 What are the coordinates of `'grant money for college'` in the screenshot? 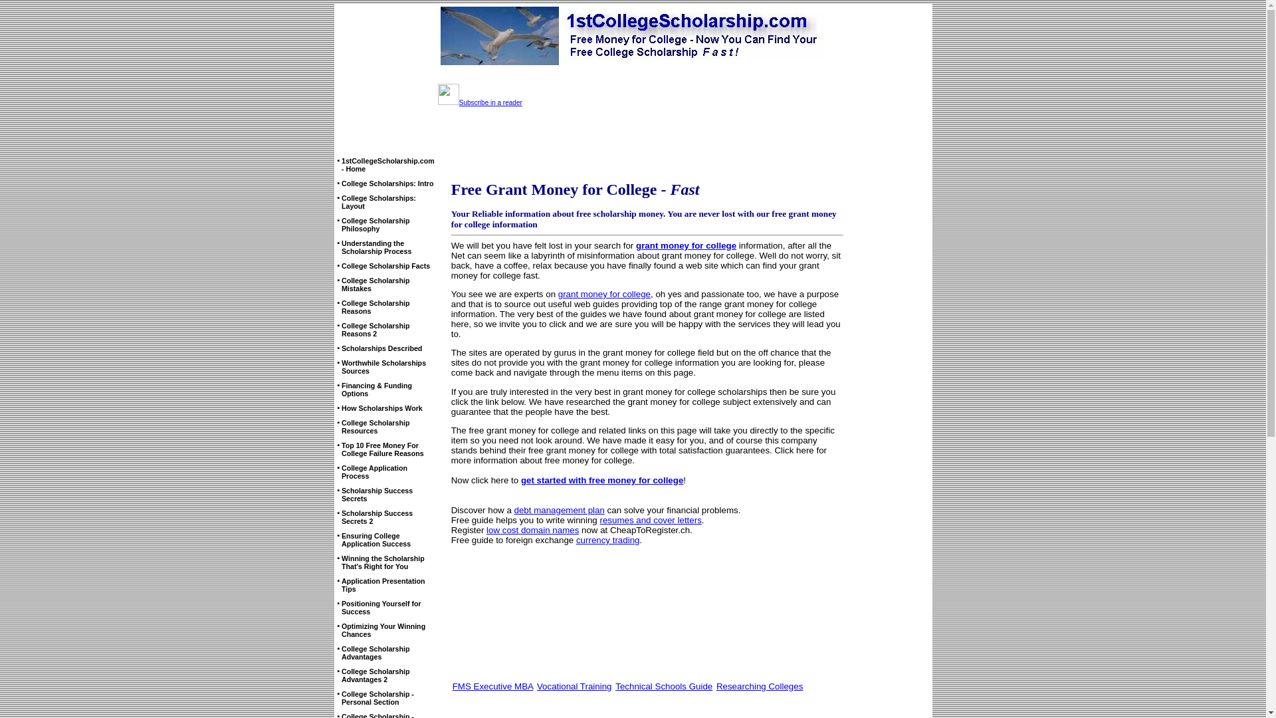 It's located at (603, 293).